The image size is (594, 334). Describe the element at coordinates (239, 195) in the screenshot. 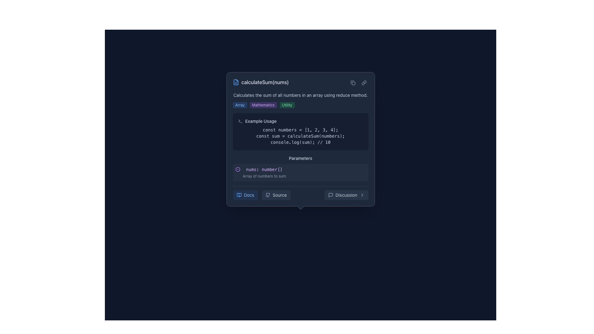

I see `the documentation icon located to the left of the 'Docs' button at the bottom left of the informational card` at that location.